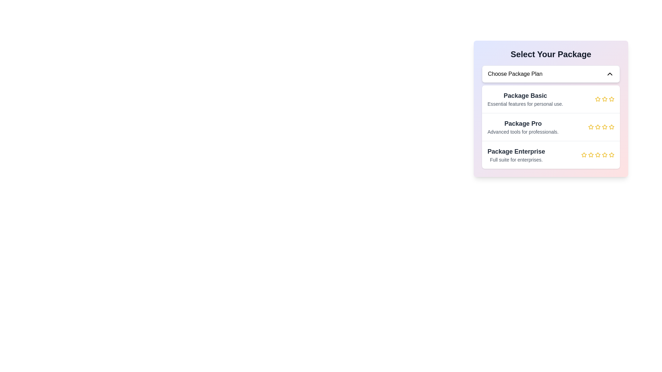 The image size is (662, 372). Describe the element at coordinates (516, 155) in the screenshot. I see `the Text block describing the 'Package Enterprise' offering, which is the third item under the 'Select Your Package' header` at that location.